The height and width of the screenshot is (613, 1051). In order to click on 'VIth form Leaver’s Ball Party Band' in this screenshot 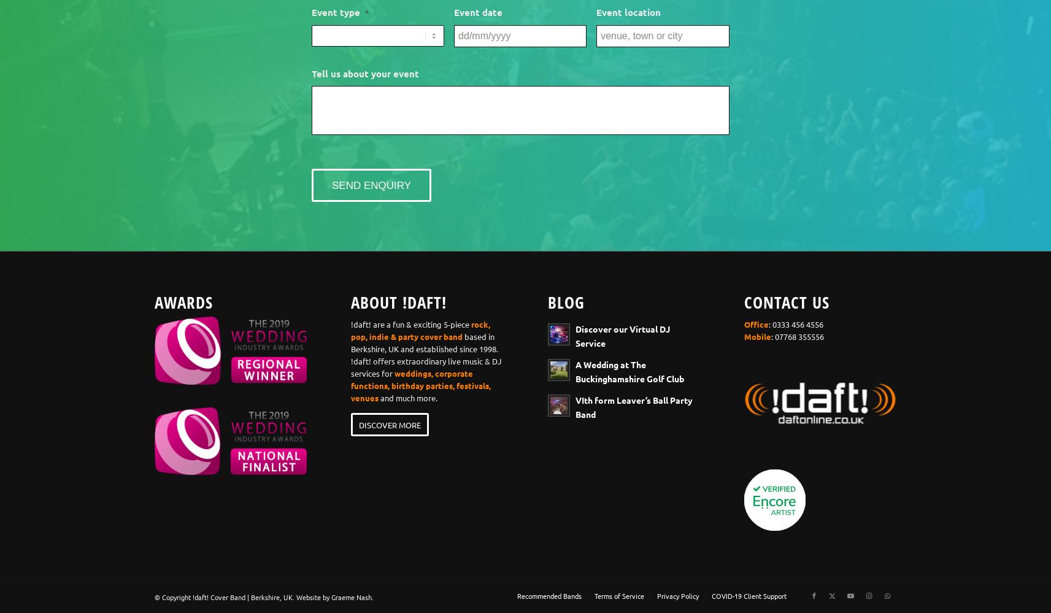, I will do `click(633, 406)`.